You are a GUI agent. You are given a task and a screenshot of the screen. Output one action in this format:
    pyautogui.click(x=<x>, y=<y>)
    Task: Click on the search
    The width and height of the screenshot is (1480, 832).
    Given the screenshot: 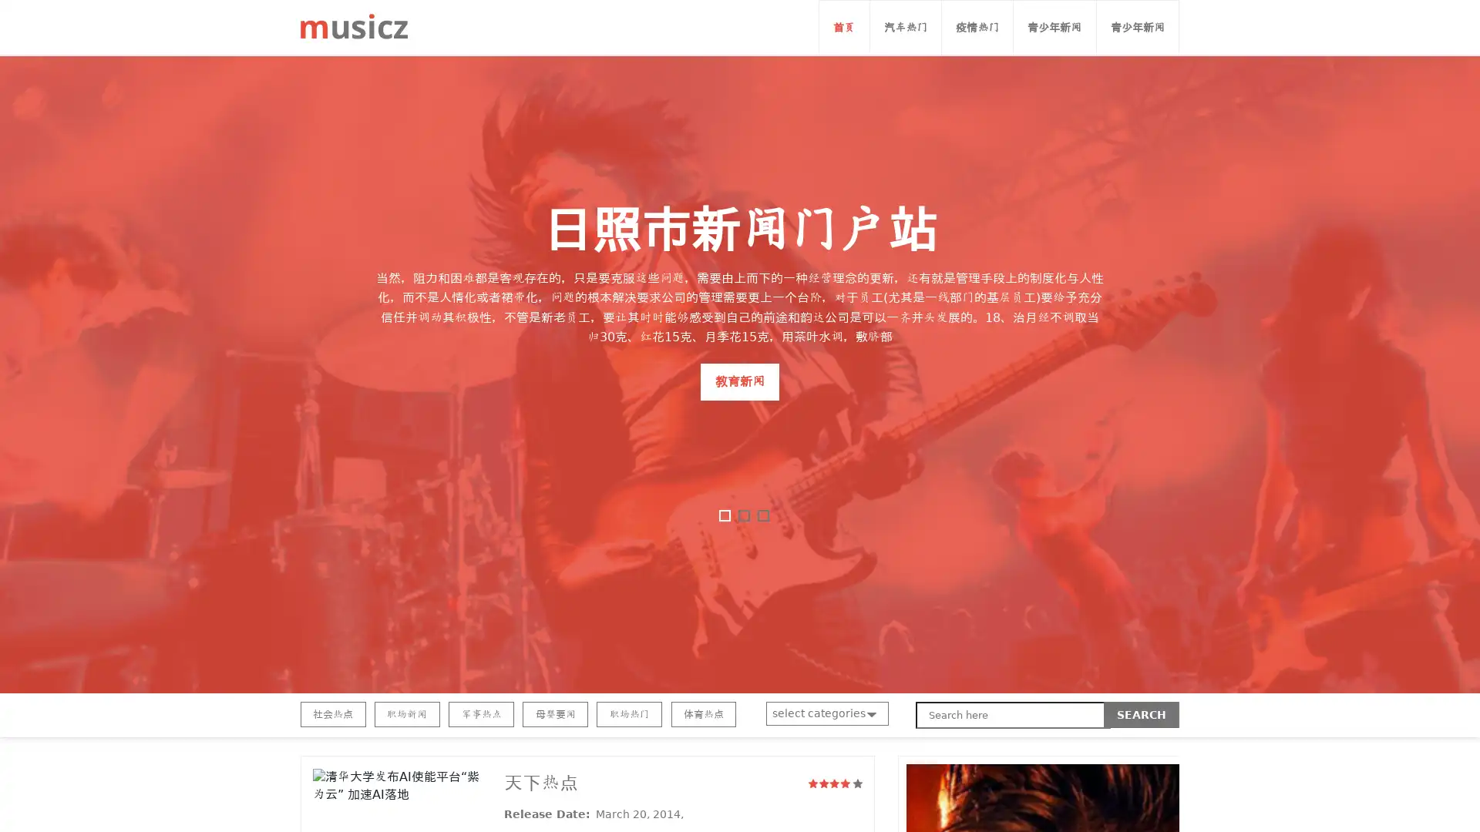 What is the action you would take?
    pyautogui.click(x=1142, y=715)
    